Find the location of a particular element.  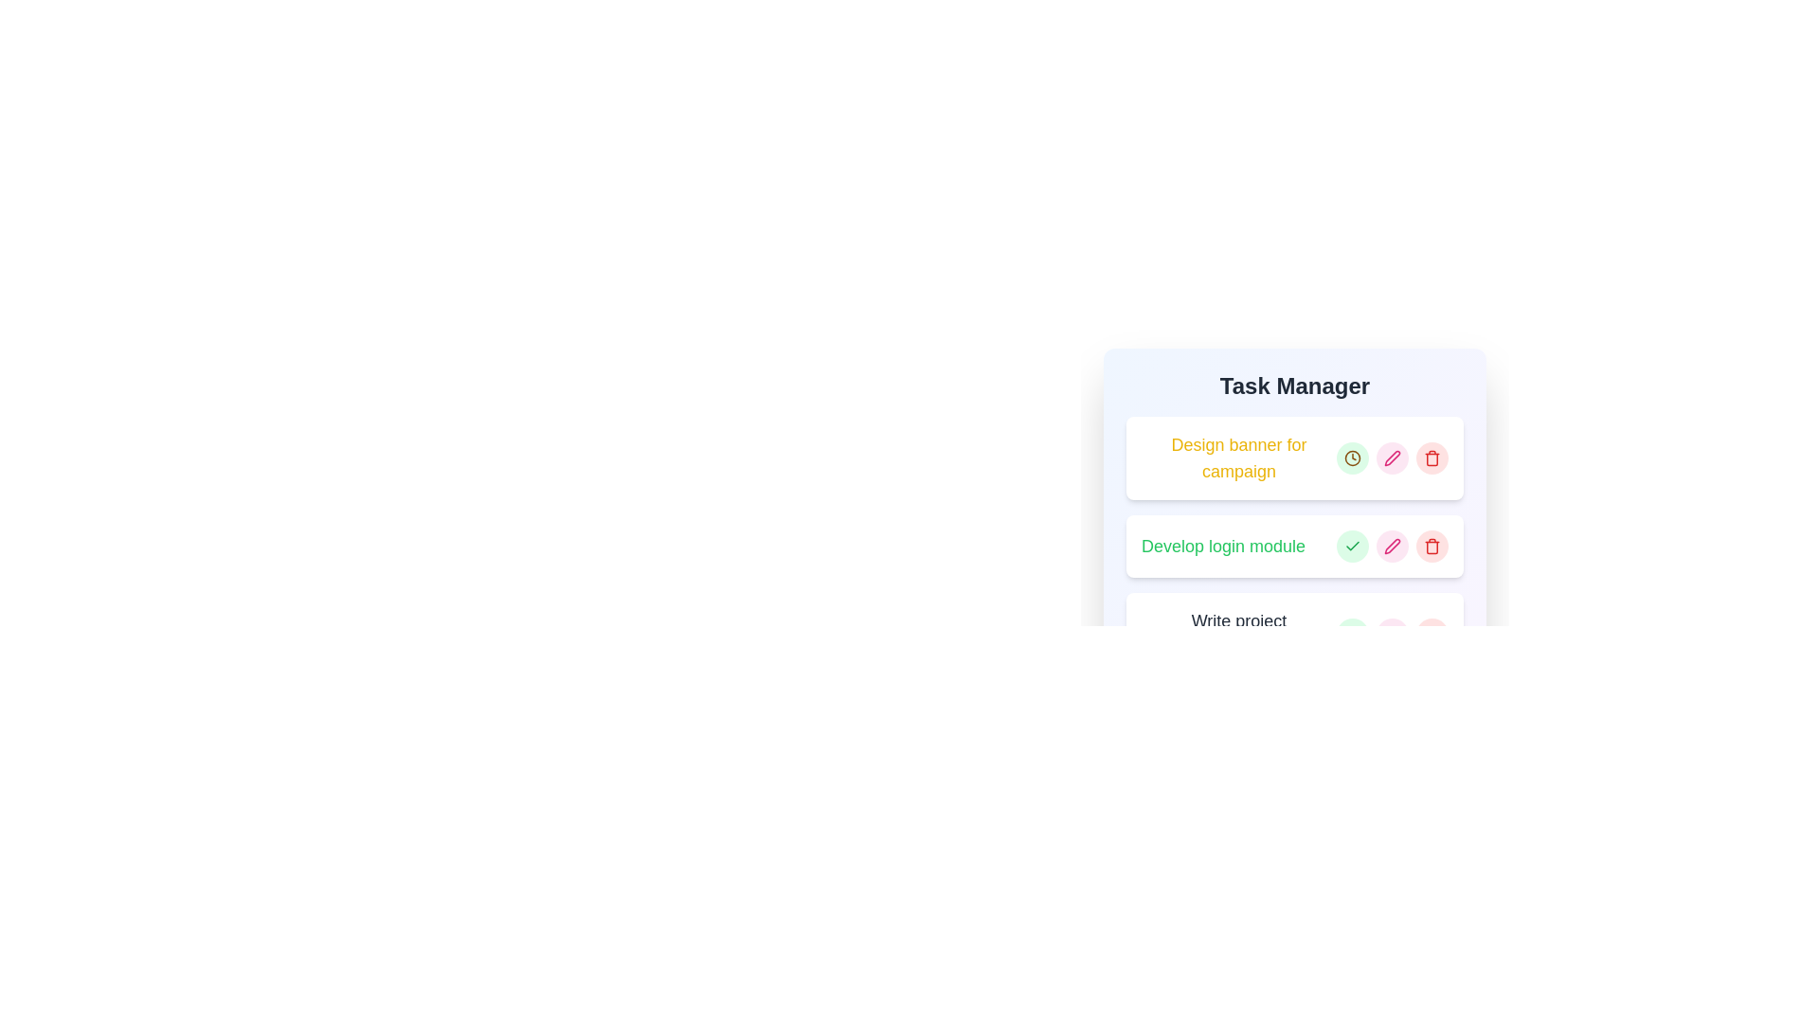

the editing icon (pen or pencil representation) located on the right-hand side of the second task item in the 'Task Manager' interface is located at coordinates (1392, 547).